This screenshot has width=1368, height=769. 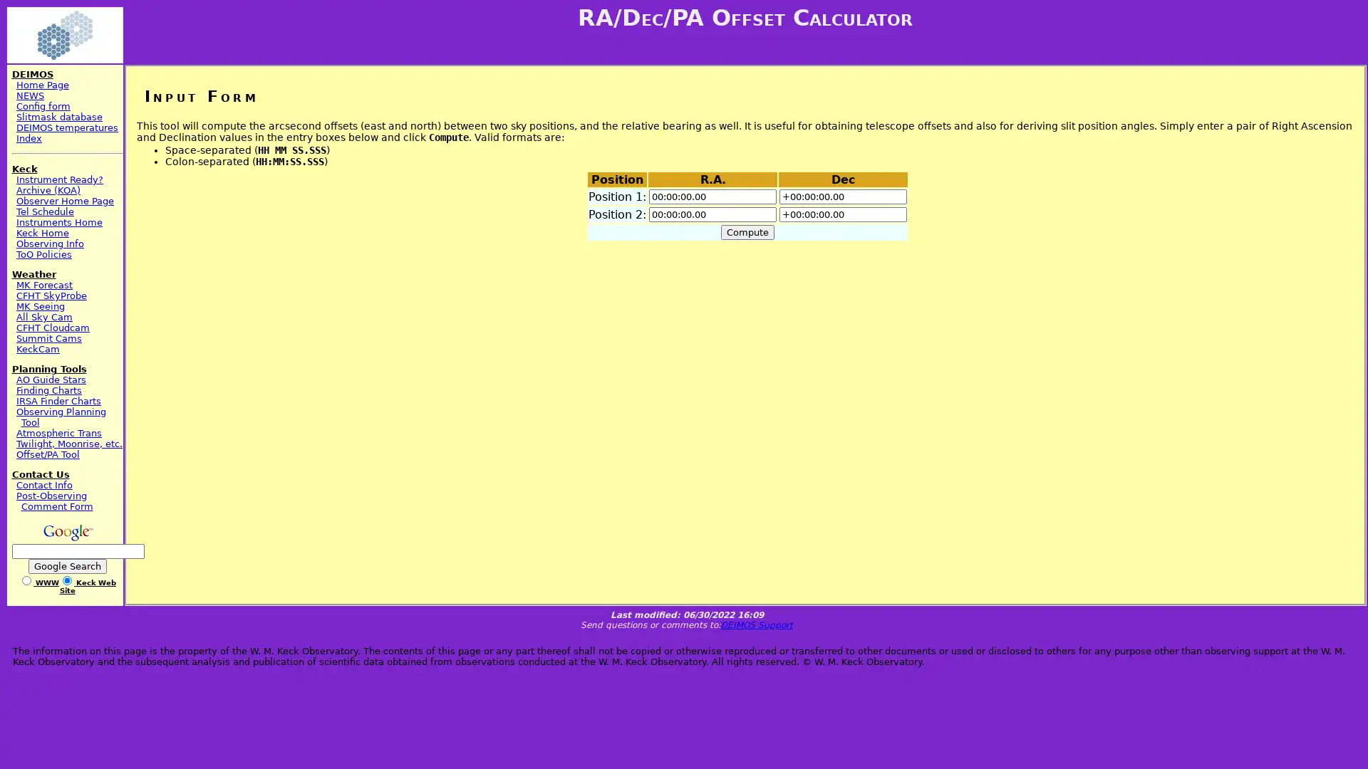 What do you see at coordinates (66, 565) in the screenshot?
I see `Google Search` at bounding box center [66, 565].